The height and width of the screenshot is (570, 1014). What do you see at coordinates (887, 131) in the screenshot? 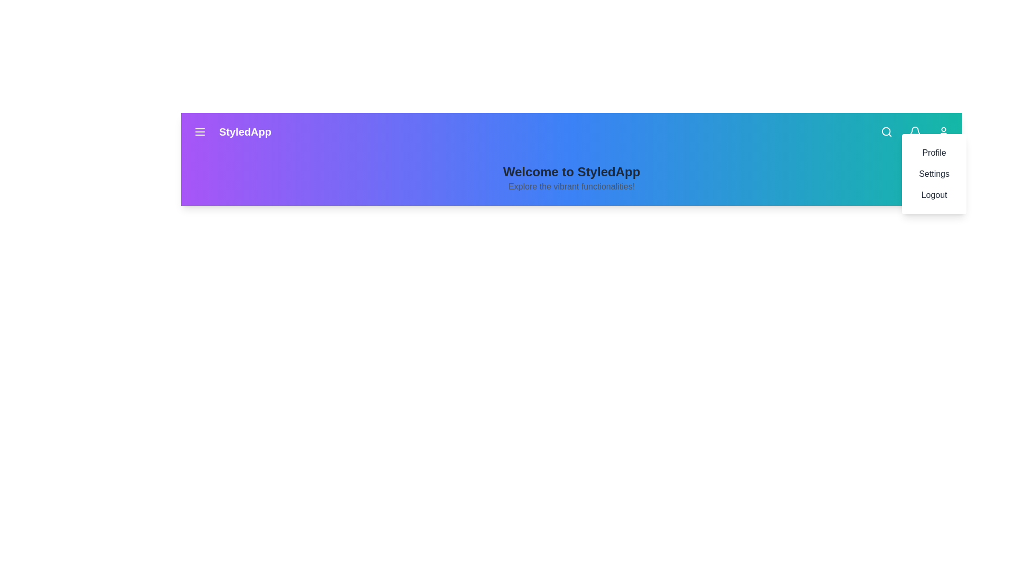
I see `the Search icon to trigger its functionality` at bounding box center [887, 131].